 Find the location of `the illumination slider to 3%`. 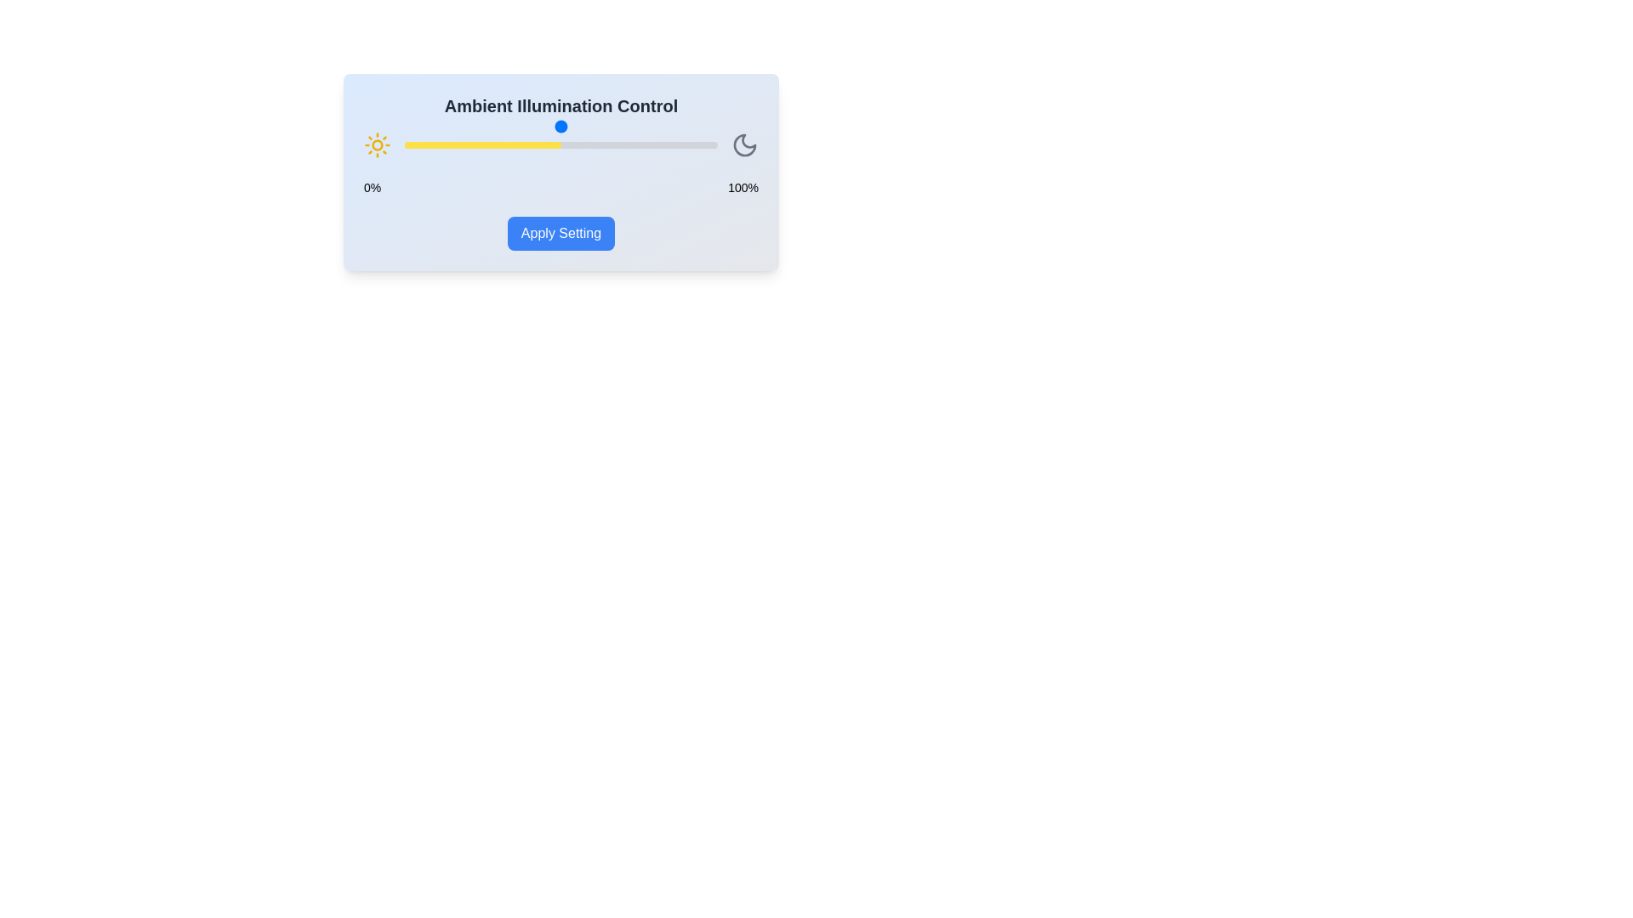

the illumination slider to 3% is located at coordinates (414, 144).